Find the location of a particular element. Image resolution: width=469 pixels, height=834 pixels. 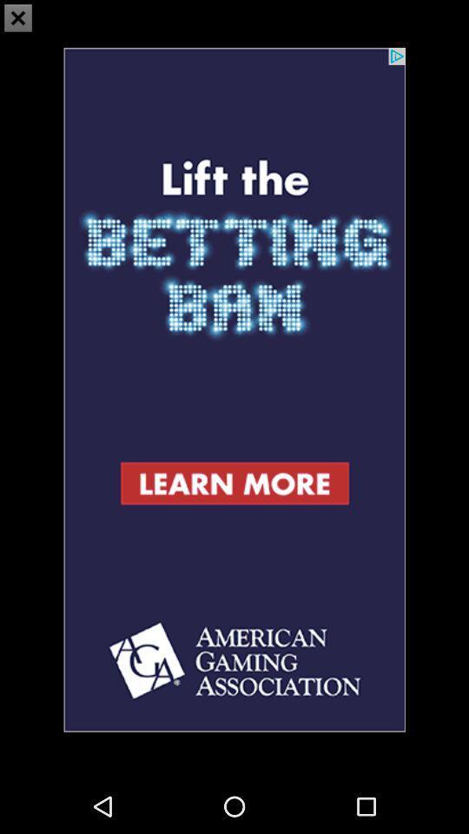

the close icon is located at coordinates (17, 18).